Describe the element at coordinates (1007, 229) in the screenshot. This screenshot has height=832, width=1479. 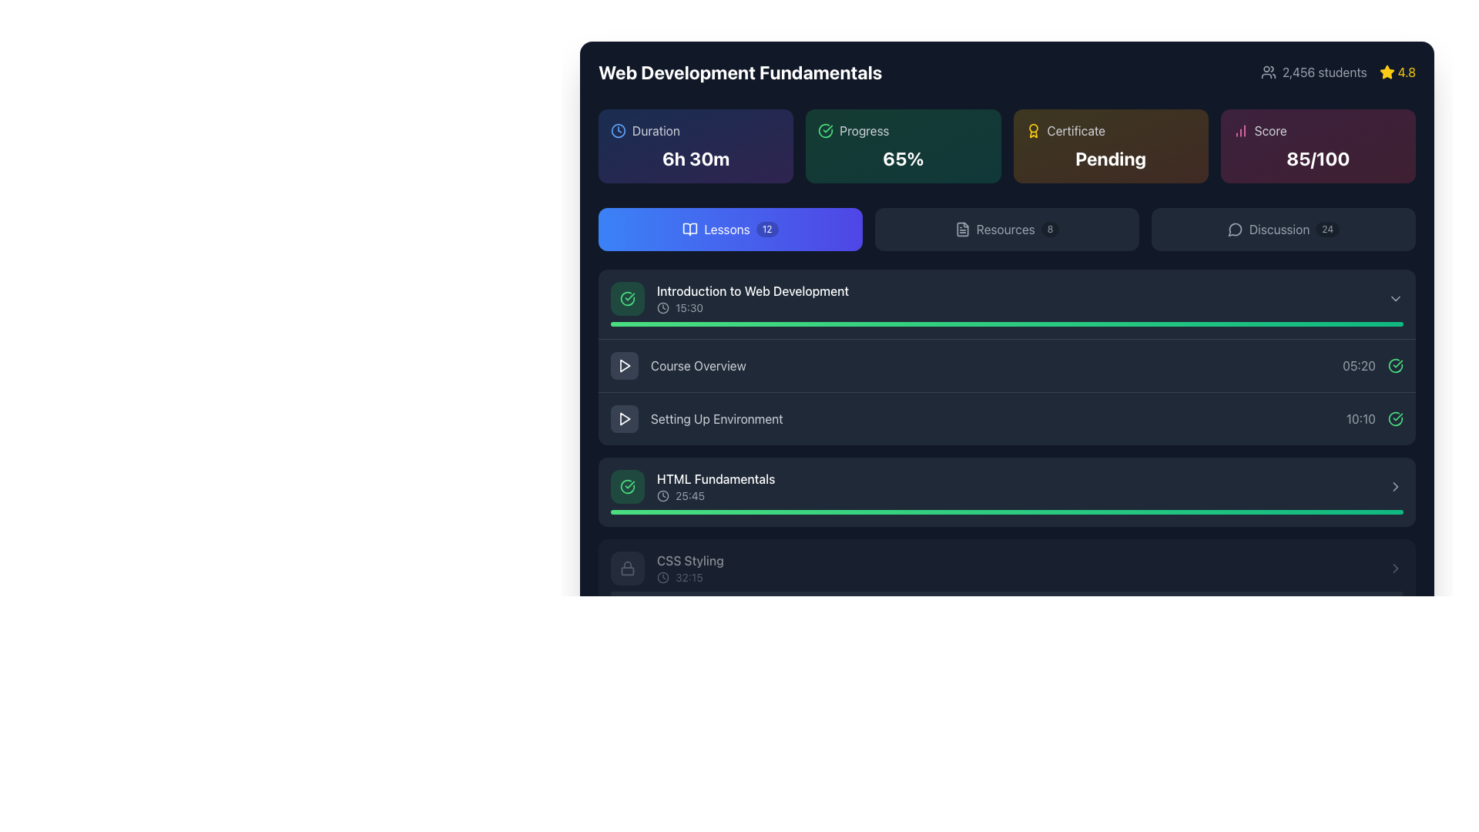
I see `the second button in the horizontal group of three buttons, located centrally in the upper section of the interface` at that location.